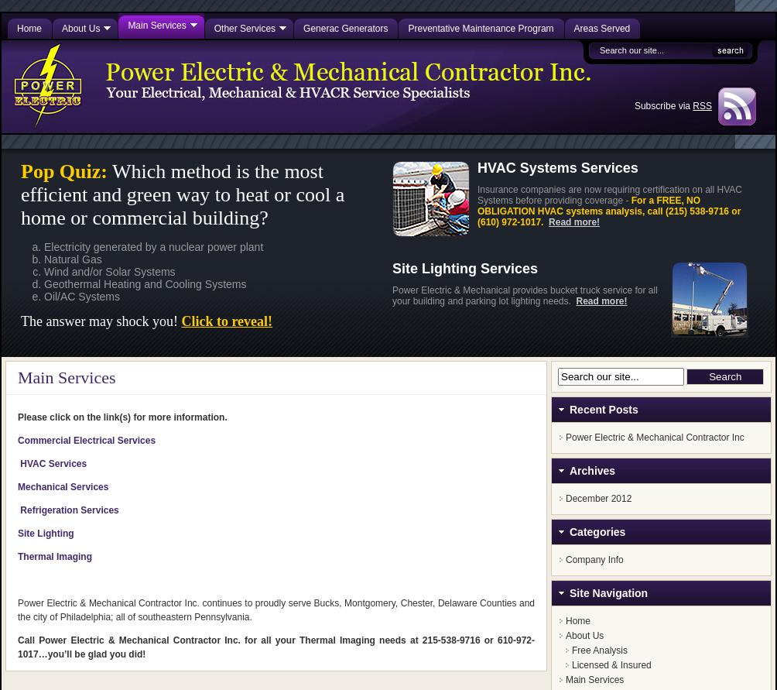 The height and width of the screenshot is (690, 777). What do you see at coordinates (577, 620) in the screenshot?
I see `'Home'` at bounding box center [577, 620].